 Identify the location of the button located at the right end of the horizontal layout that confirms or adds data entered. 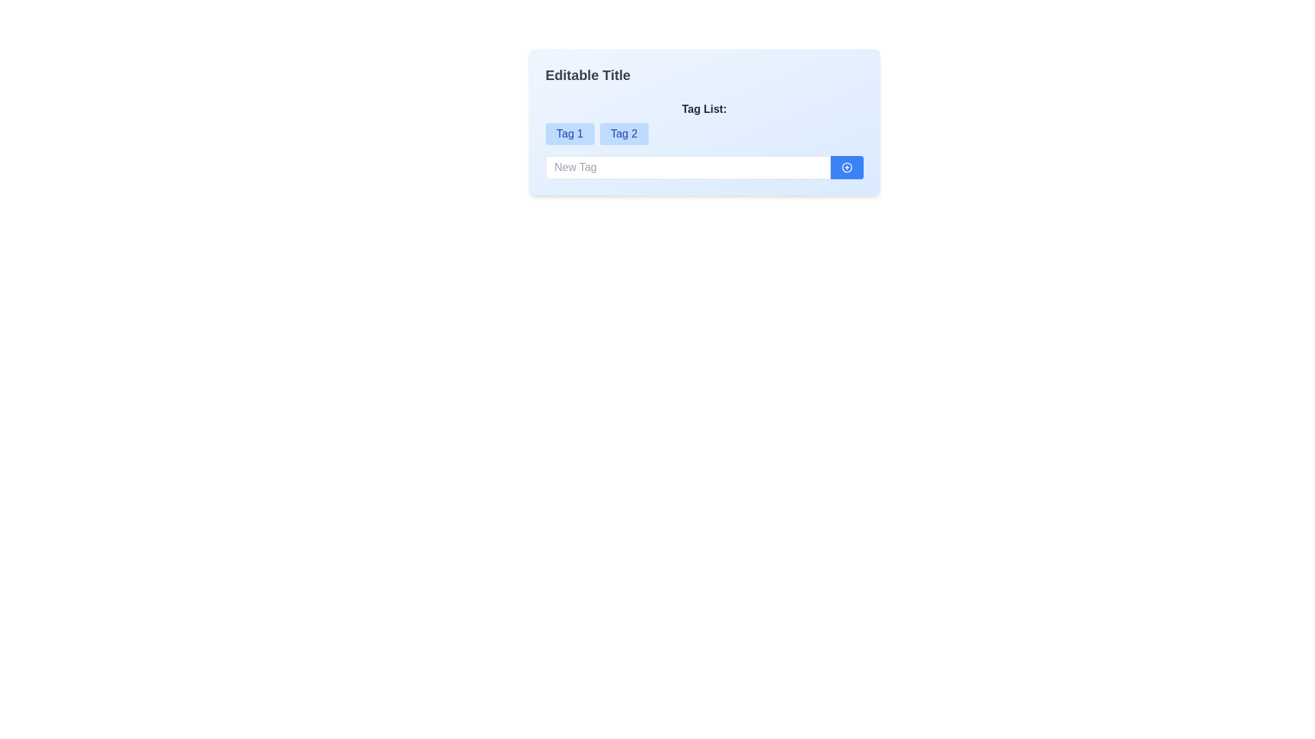
(846, 167).